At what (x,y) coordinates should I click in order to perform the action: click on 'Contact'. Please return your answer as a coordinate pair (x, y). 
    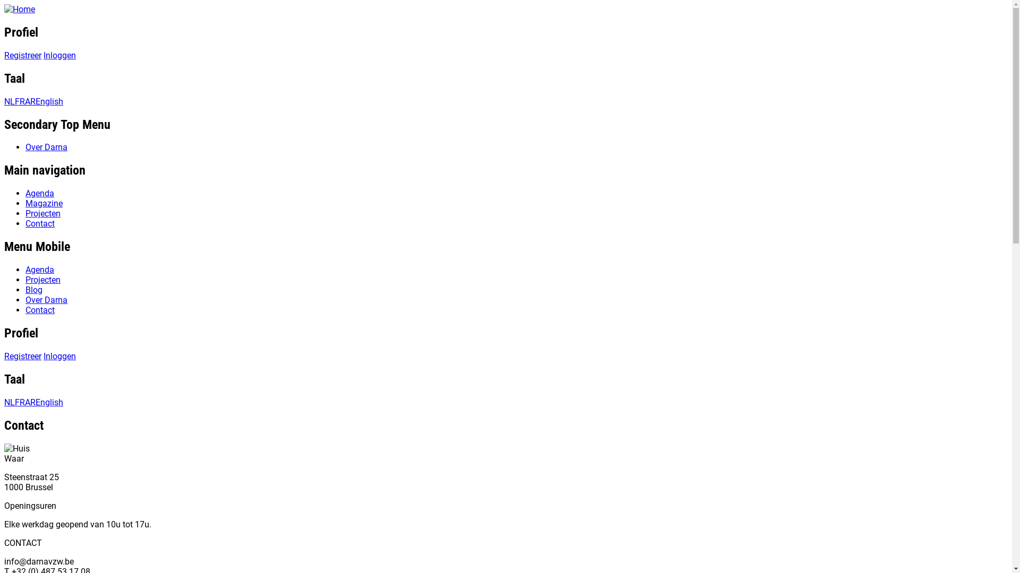
    Looking at the image, I should click on (40, 223).